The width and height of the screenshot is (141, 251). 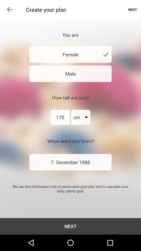 I want to click on icon below the when were you, so click(x=70, y=162).